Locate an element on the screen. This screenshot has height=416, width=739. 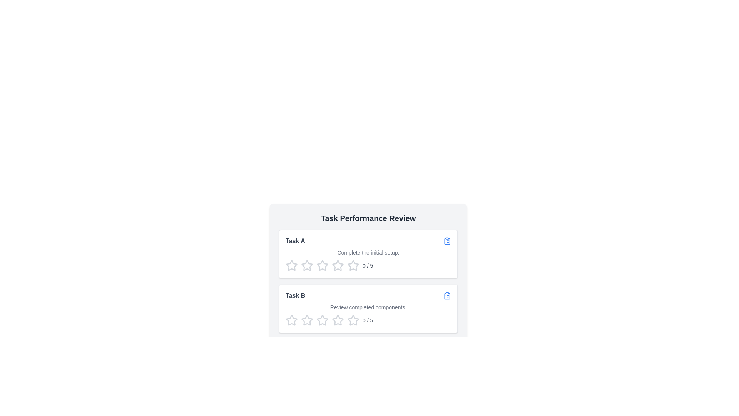
the clipboard icon is located at coordinates (447, 240).